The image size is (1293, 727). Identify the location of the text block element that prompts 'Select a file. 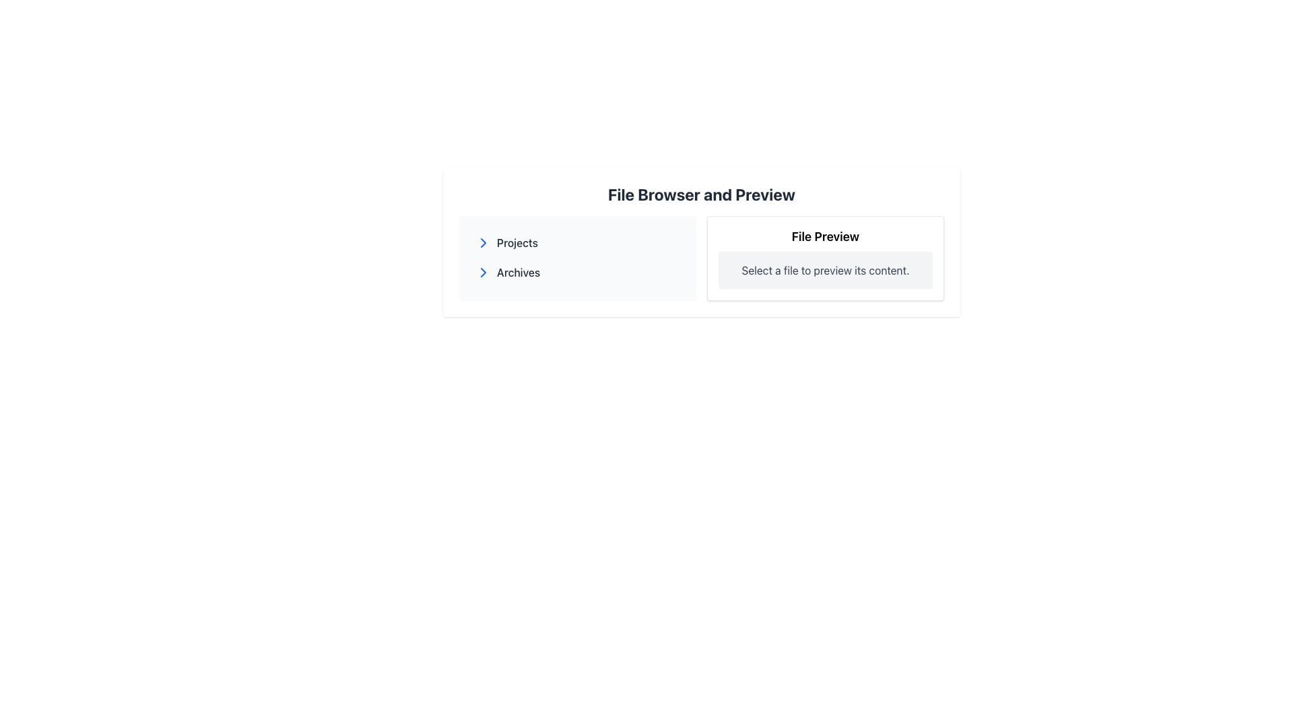
(824, 270).